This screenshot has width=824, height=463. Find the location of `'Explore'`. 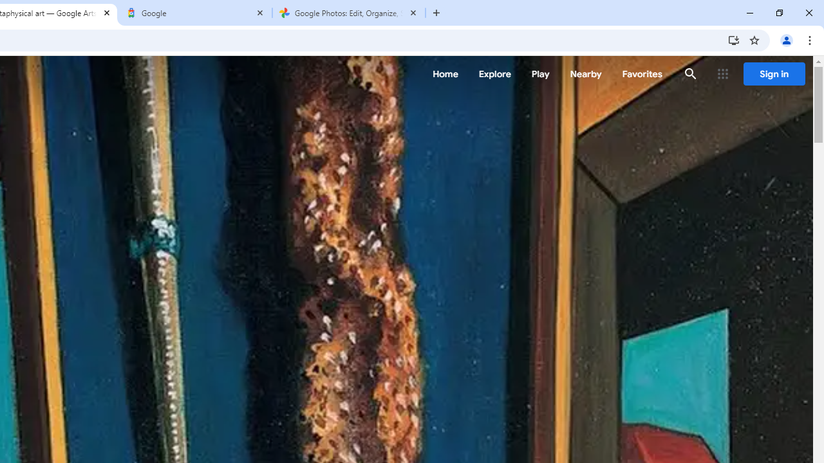

'Explore' is located at coordinates (494, 74).